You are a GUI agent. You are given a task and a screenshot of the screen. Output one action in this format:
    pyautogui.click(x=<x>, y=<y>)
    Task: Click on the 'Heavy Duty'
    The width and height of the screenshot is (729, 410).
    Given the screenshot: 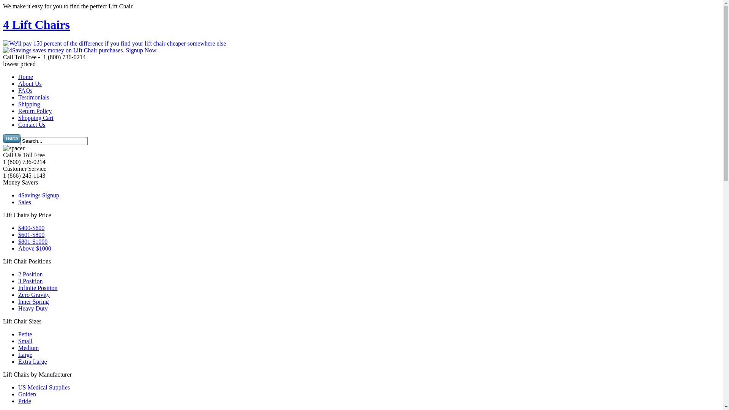 What is the action you would take?
    pyautogui.click(x=32, y=308)
    